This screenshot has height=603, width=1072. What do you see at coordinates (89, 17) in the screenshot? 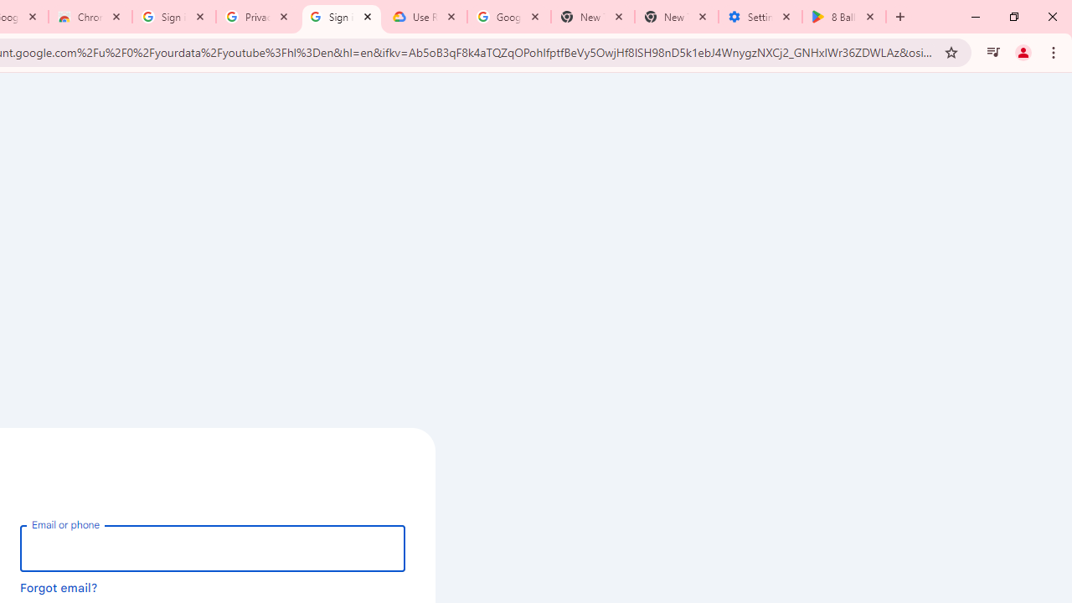
I see `'Chrome Web Store - Color themes by Chrome'` at bounding box center [89, 17].